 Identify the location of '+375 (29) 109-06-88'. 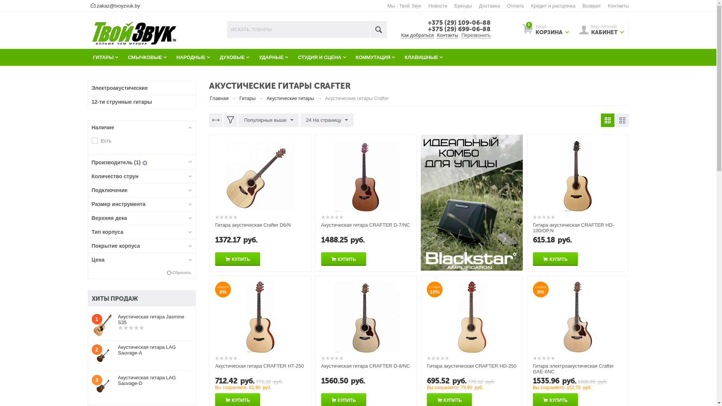
(459, 22).